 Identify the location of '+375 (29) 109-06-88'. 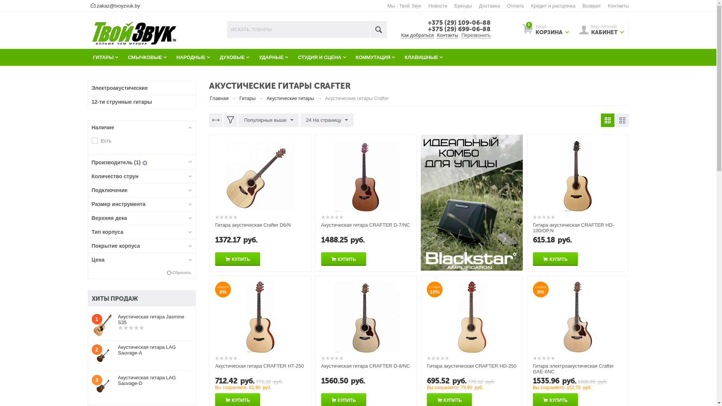
(459, 22).